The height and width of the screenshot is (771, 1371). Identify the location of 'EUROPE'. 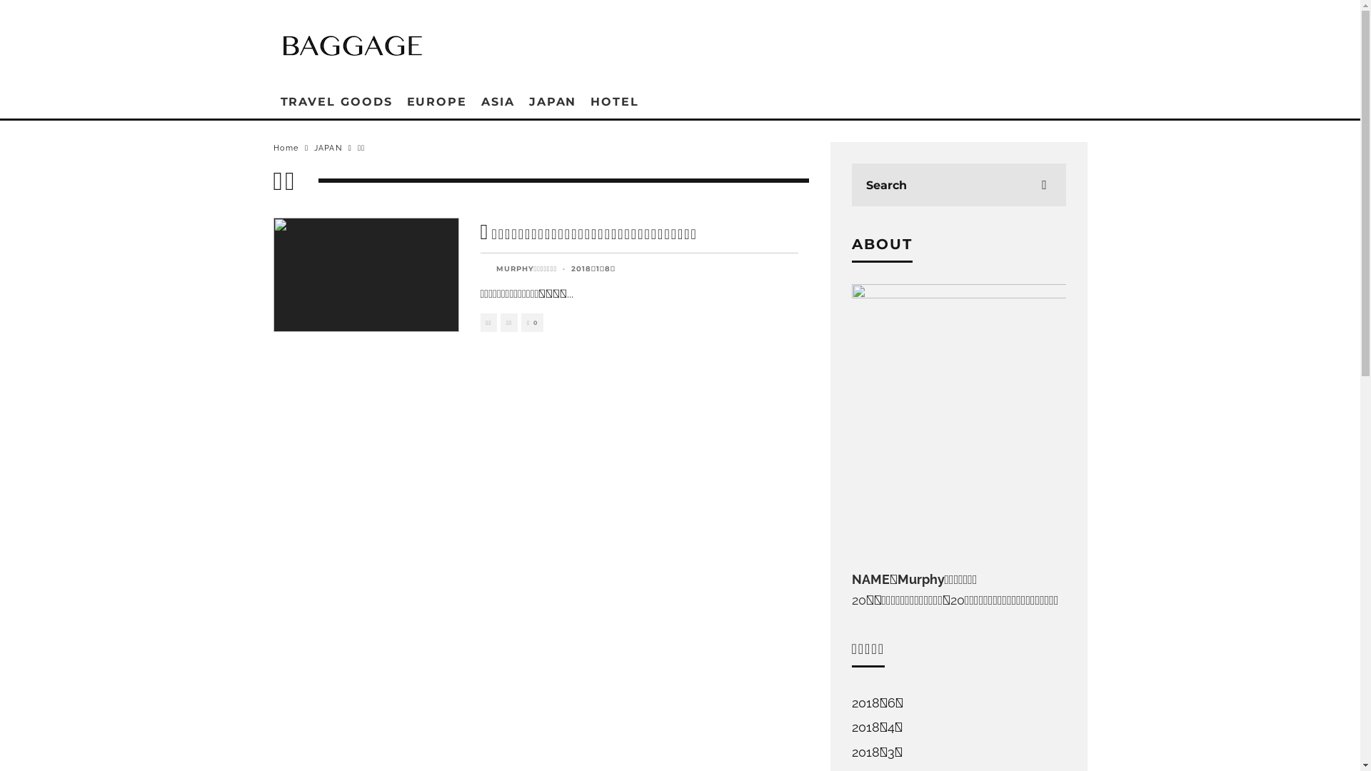
(436, 101).